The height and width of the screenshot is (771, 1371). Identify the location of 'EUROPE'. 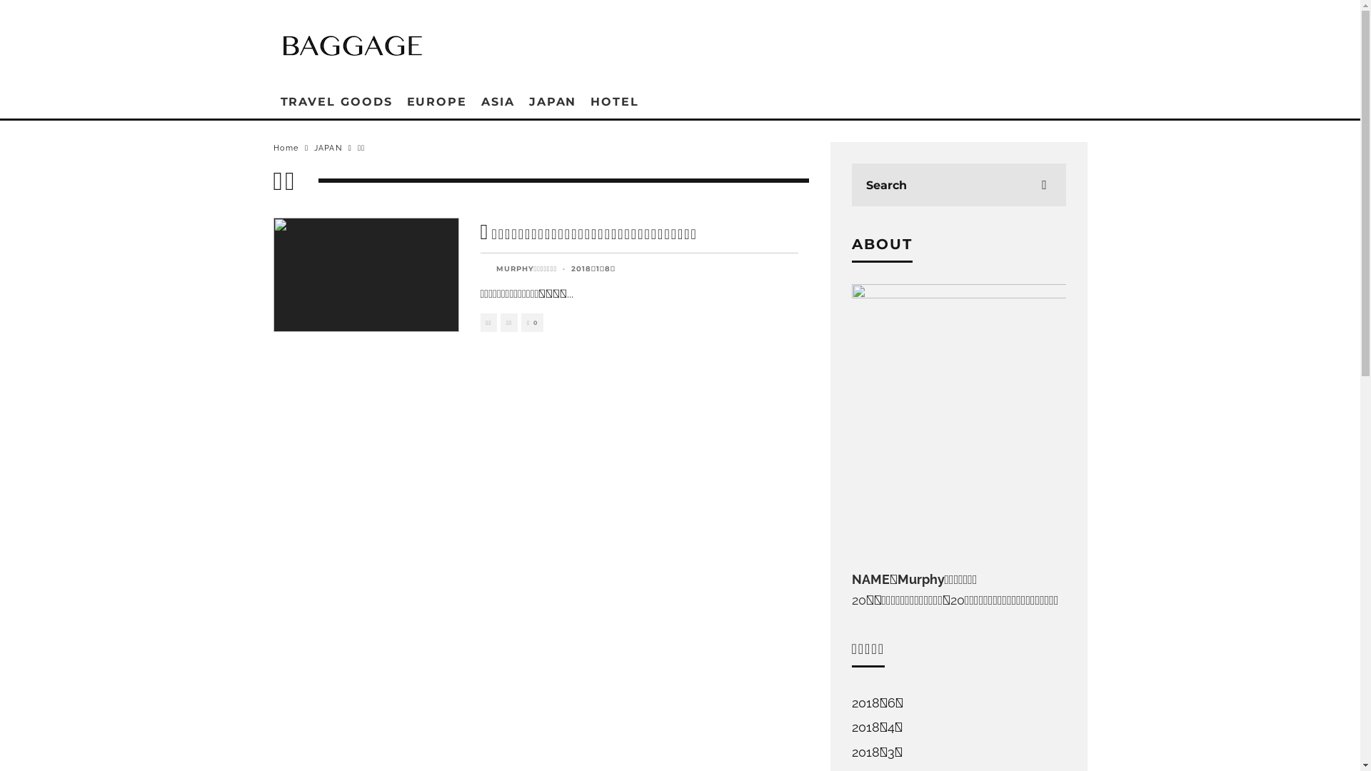
(436, 101).